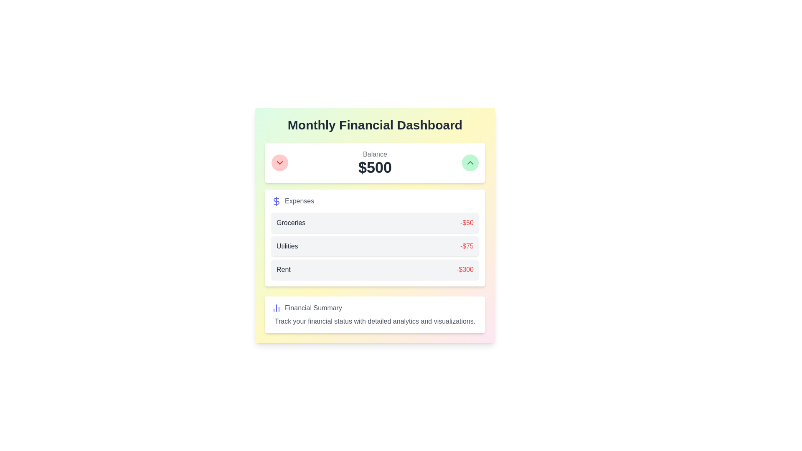  Describe the element at coordinates (277, 201) in the screenshot. I see `the decorative icon associated with financial content, positioned` at that location.